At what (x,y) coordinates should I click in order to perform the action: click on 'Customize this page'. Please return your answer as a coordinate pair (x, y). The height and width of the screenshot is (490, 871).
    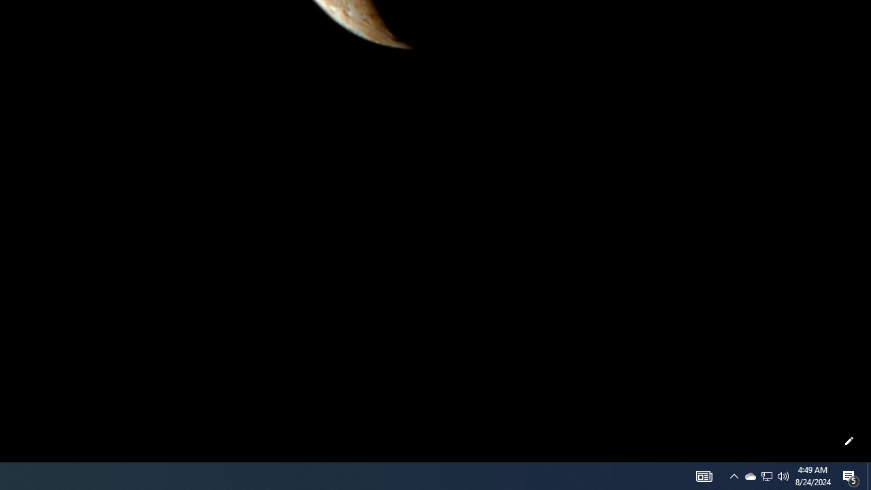
    Looking at the image, I should click on (849, 441).